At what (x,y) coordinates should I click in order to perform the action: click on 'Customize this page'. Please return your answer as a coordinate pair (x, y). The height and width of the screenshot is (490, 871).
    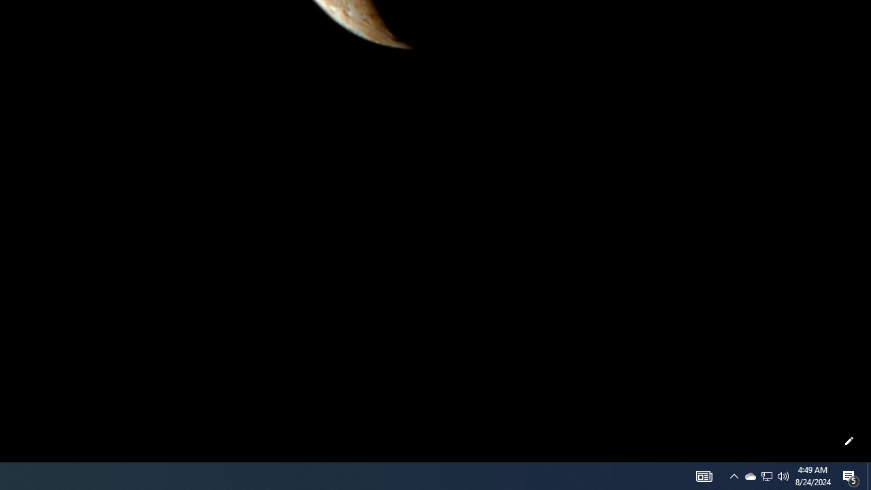
    Looking at the image, I should click on (849, 441).